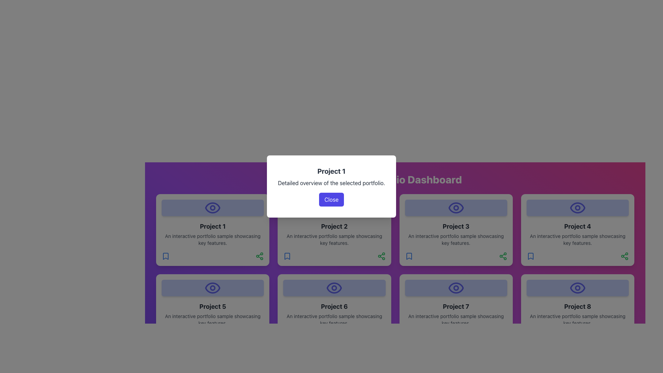 Image resolution: width=663 pixels, height=373 pixels. What do you see at coordinates (456, 310) in the screenshot?
I see `the Informational Card that provides an overview of 'Project 7', located in the second row and third column of the grid on the portfolio dashboard` at bounding box center [456, 310].